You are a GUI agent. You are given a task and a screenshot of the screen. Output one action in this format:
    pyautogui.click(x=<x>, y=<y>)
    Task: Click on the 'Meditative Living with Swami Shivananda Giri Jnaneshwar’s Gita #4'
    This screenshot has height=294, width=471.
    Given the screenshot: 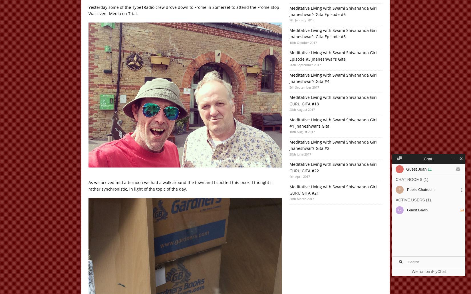 What is the action you would take?
    pyautogui.click(x=289, y=78)
    